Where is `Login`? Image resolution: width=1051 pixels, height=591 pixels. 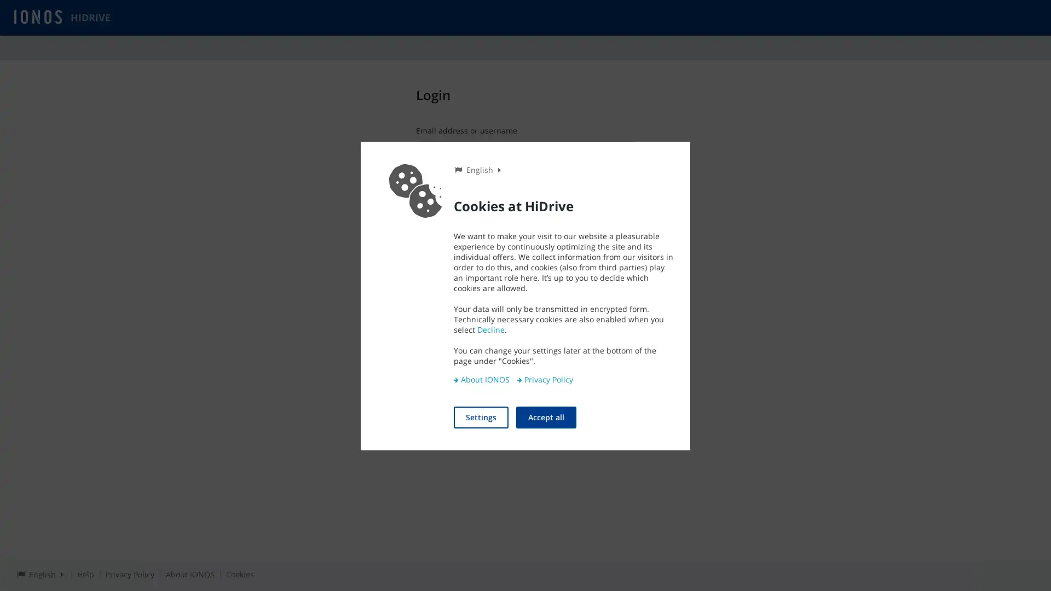 Login is located at coordinates (525, 244).